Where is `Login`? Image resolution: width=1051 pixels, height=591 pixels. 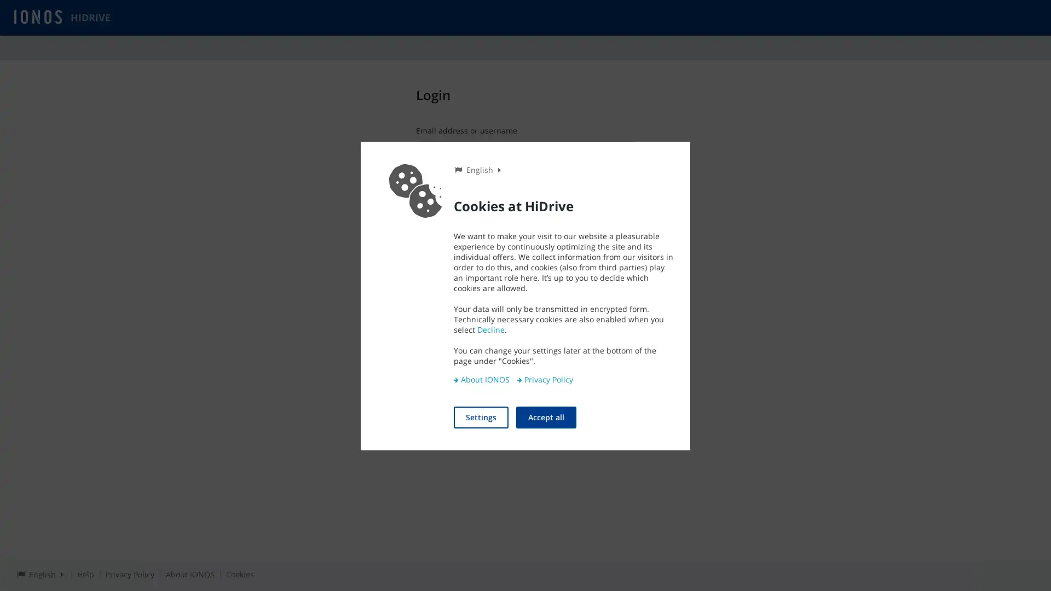 Login is located at coordinates (525, 244).